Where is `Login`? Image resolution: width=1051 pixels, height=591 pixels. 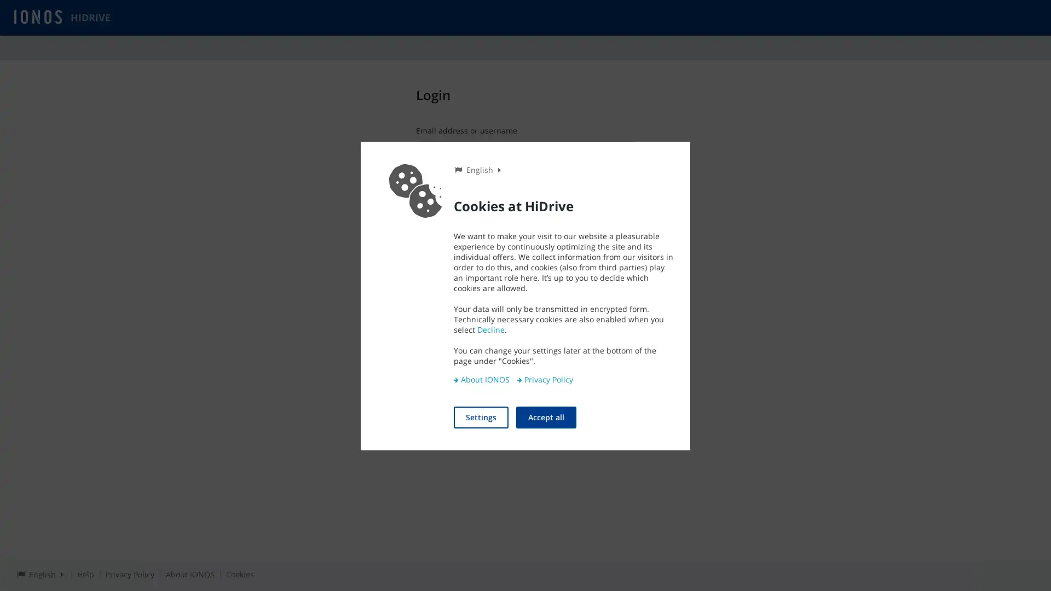 Login is located at coordinates (525, 244).